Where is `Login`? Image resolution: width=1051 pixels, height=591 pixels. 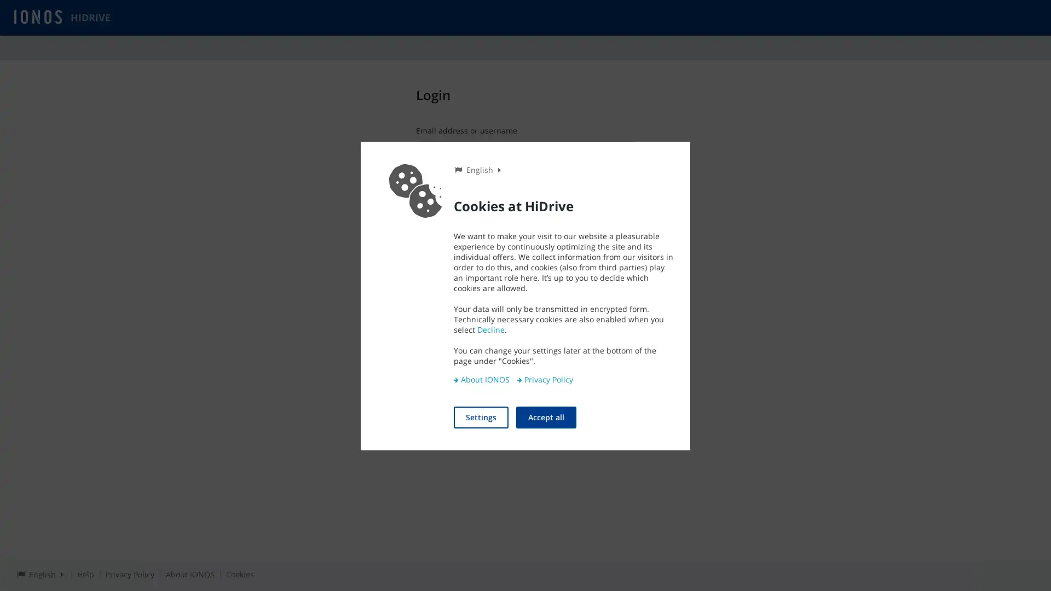 Login is located at coordinates (525, 244).